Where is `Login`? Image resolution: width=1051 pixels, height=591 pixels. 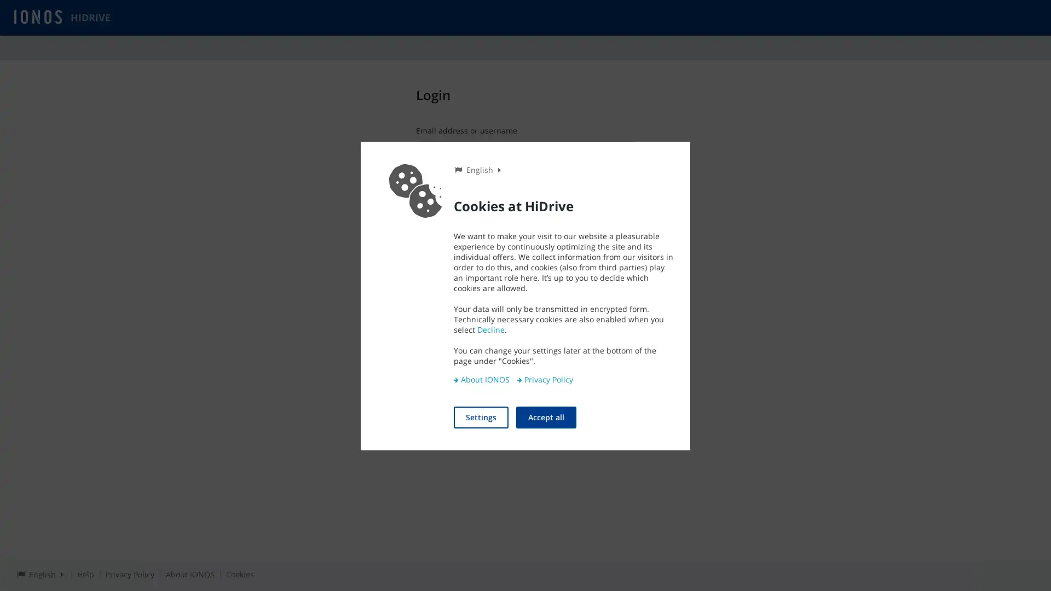 Login is located at coordinates (525, 244).